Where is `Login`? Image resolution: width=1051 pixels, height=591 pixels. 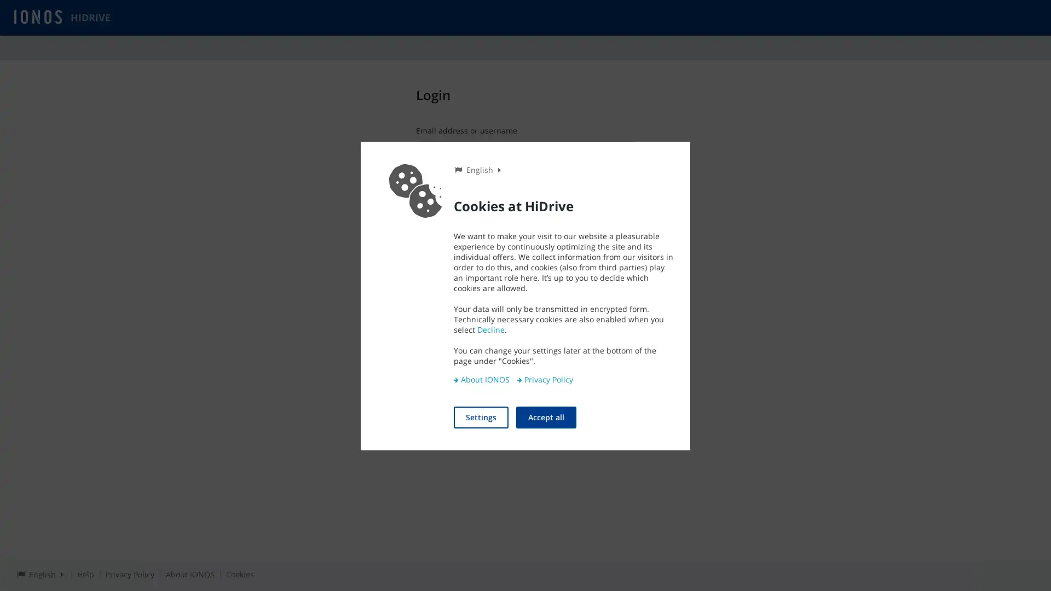 Login is located at coordinates (525, 244).